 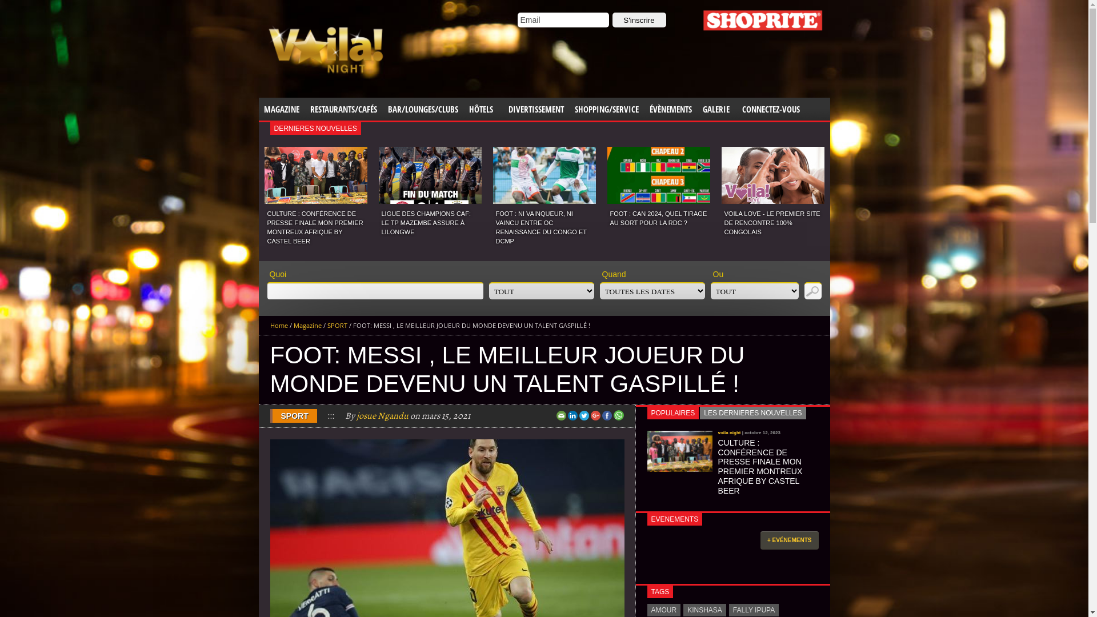 What do you see at coordinates (563, 19) in the screenshot?
I see `'Email'` at bounding box center [563, 19].